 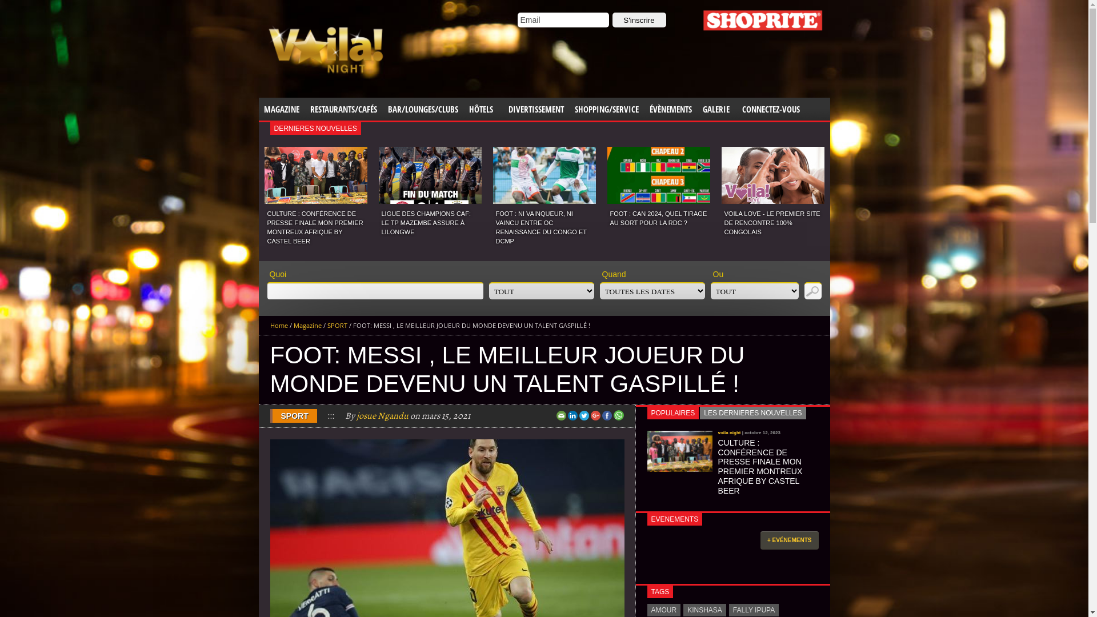 What do you see at coordinates (563, 19) in the screenshot?
I see `'Email'` at bounding box center [563, 19].